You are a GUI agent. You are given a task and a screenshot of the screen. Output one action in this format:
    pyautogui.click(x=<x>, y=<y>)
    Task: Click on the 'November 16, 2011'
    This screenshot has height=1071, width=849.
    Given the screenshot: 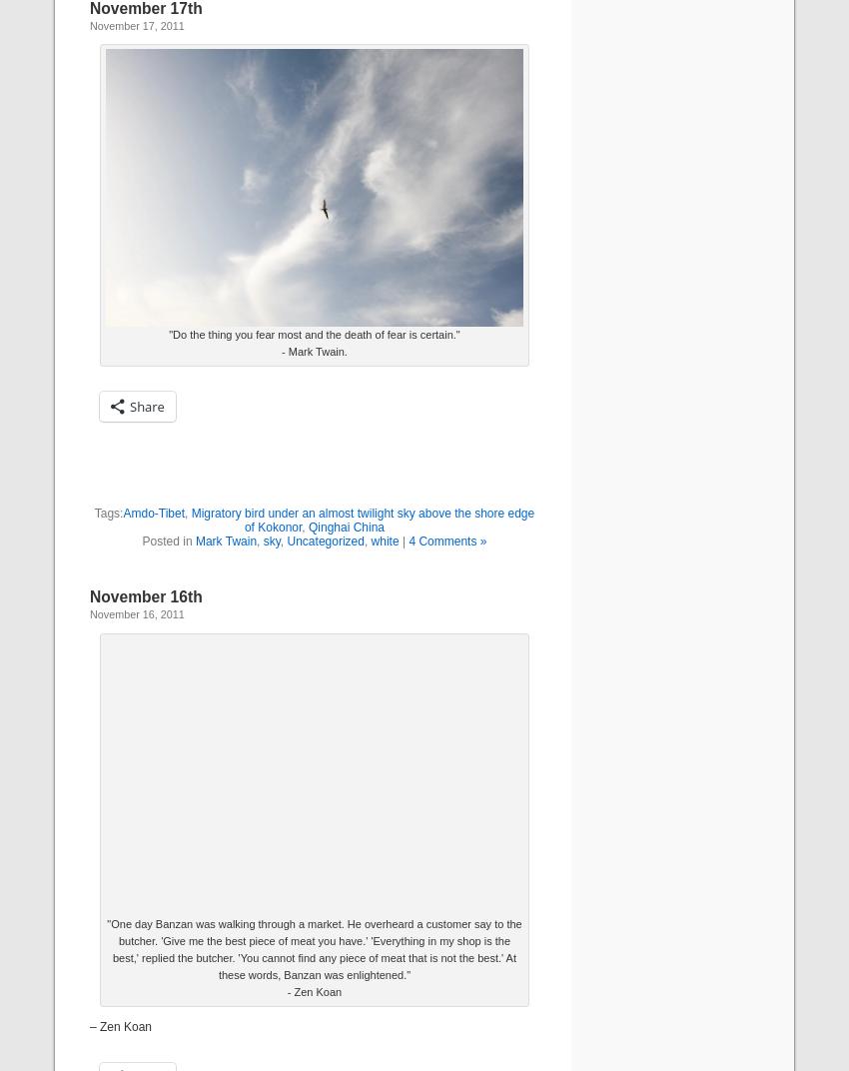 What is the action you would take?
    pyautogui.click(x=137, y=614)
    